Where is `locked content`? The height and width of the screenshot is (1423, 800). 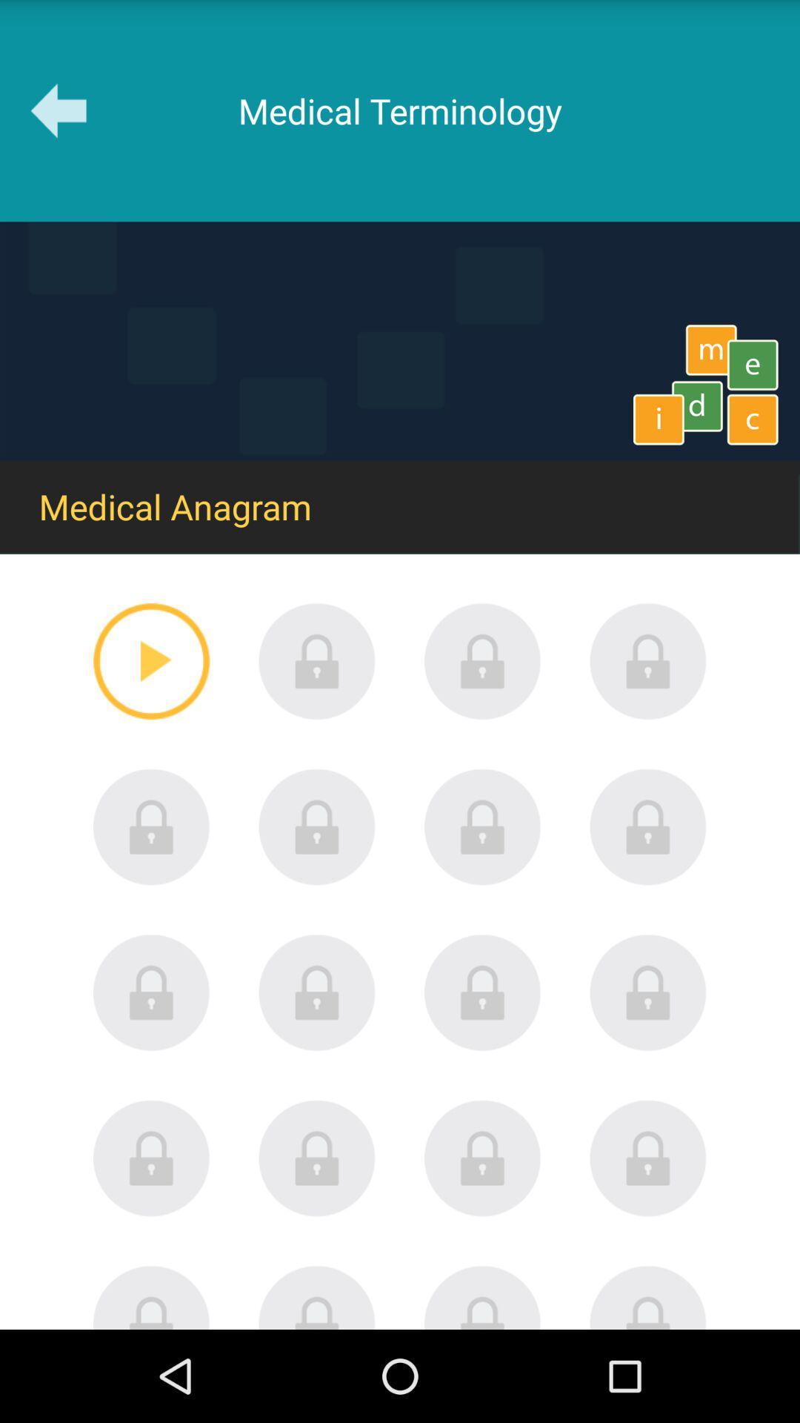
locked content is located at coordinates (482, 1296).